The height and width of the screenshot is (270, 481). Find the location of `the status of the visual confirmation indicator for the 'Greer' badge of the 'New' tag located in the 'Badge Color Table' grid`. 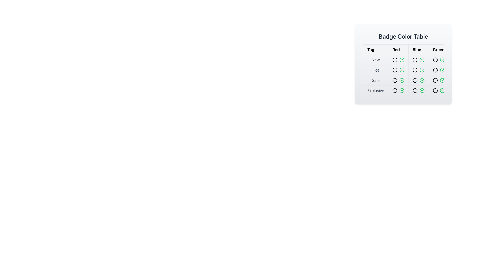

the status of the visual confirmation indicator for the 'Greer' badge of the 'New' tag located in the 'Badge Color Table' grid is located at coordinates (402, 59).